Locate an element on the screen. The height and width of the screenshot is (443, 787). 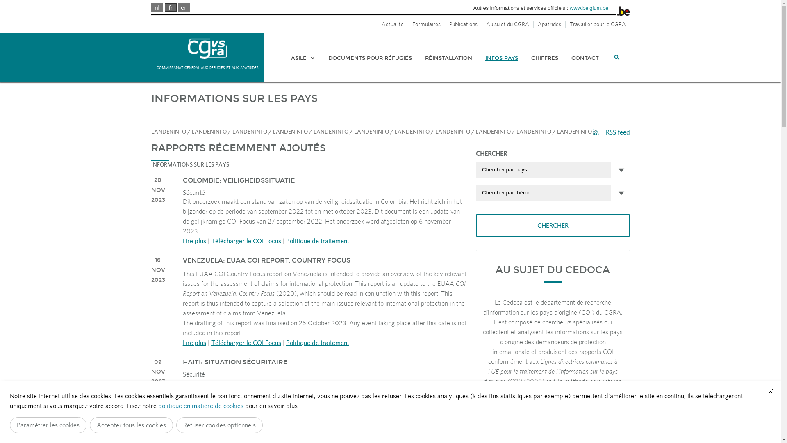
'en' is located at coordinates (184, 7).